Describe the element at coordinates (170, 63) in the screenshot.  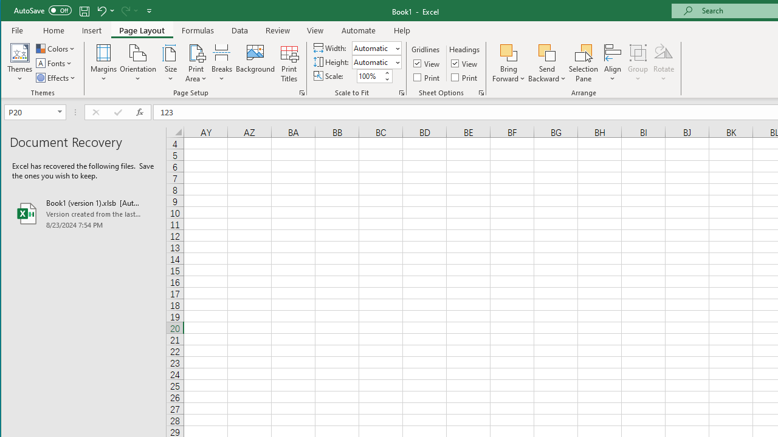
I see `'Size'` at that location.